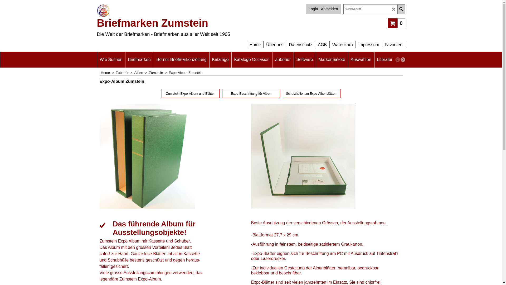 The width and height of the screenshot is (506, 285). Describe the element at coordinates (309, 9) in the screenshot. I see `'Login'` at that location.